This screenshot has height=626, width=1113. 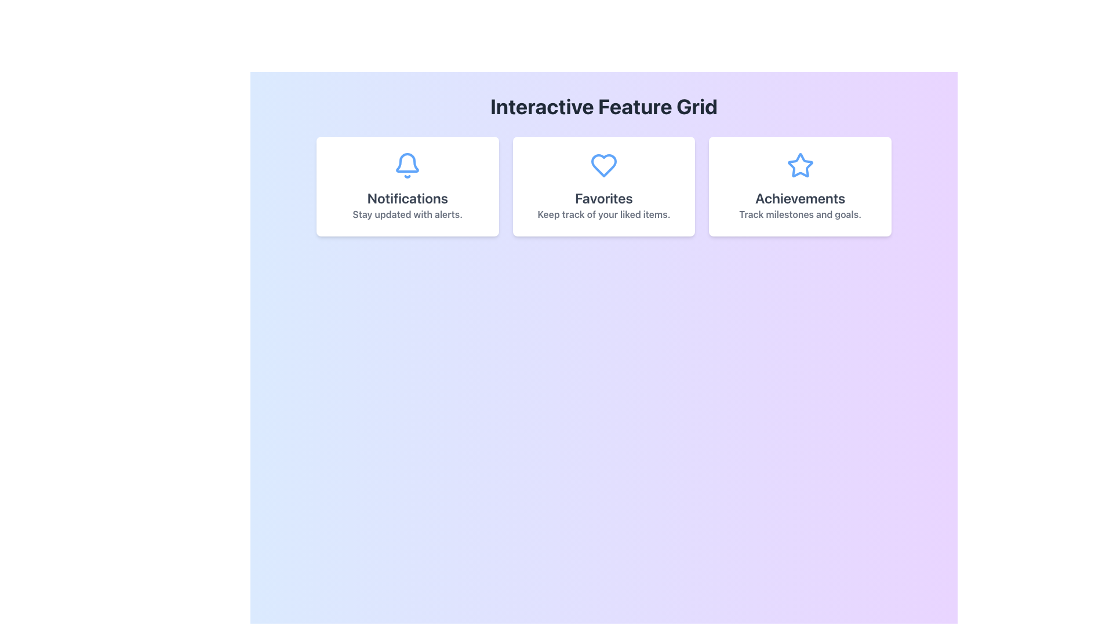 What do you see at coordinates (799, 214) in the screenshot?
I see `the text element reading 'Track milestones and goals.' which is styled in gray and positioned under the 'Achievements' header` at bounding box center [799, 214].